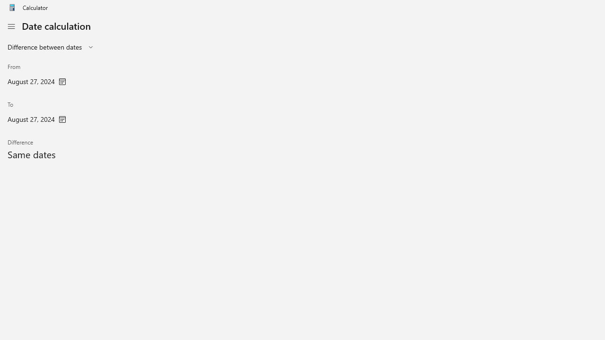 Image resolution: width=605 pixels, height=340 pixels. I want to click on 'Difference between dates', so click(44, 47).